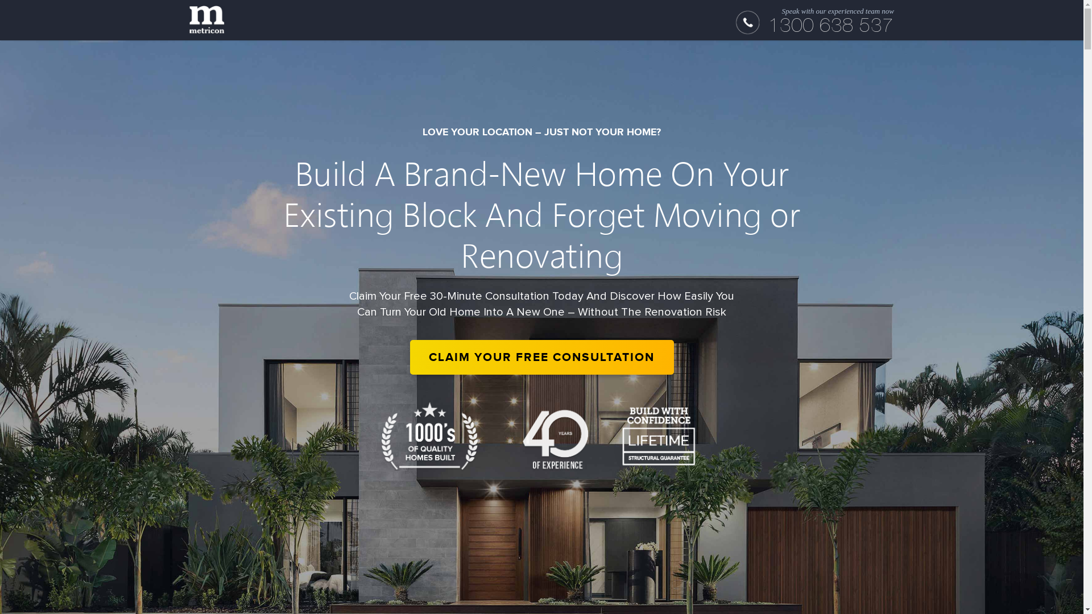 This screenshot has height=614, width=1092. What do you see at coordinates (540, 356) in the screenshot?
I see `'CLAIM YOUR FREE CONSULTATION'` at bounding box center [540, 356].